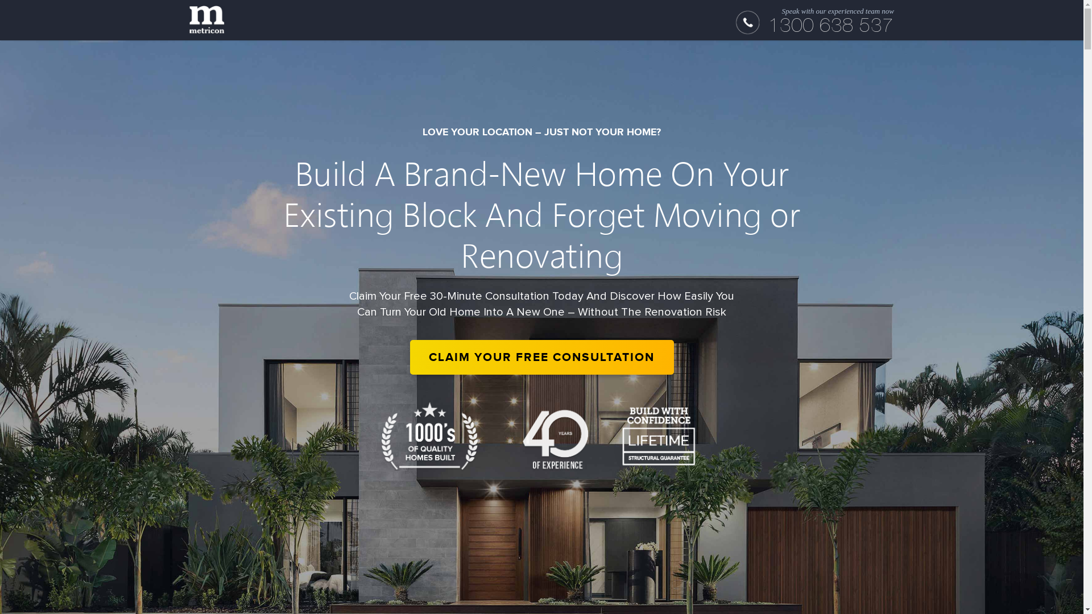 This screenshot has height=614, width=1092. What do you see at coordinates (540, 356) in the screenshot?
I see `'CLAIM YOUR FREE CONSULTATION'` at bounding box center [540, 356].